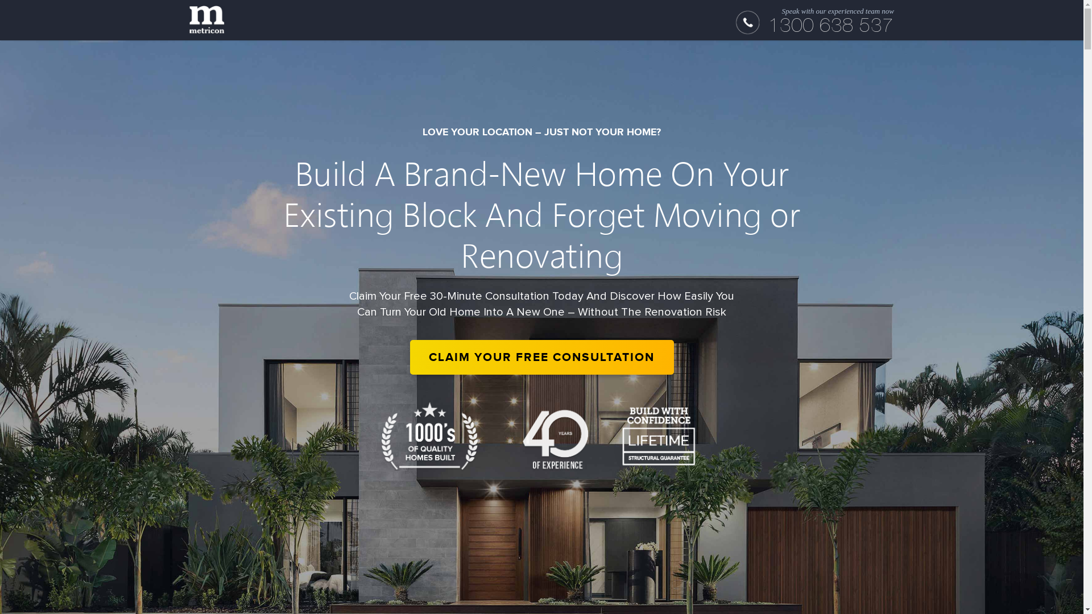 This screenshot has height=614, width=1092. What do you see at coordinates (540, 356) in the screenshot?
I see `'CLAIM YOUR FREE CONSULTATION'` at bounding box center [540, 356].